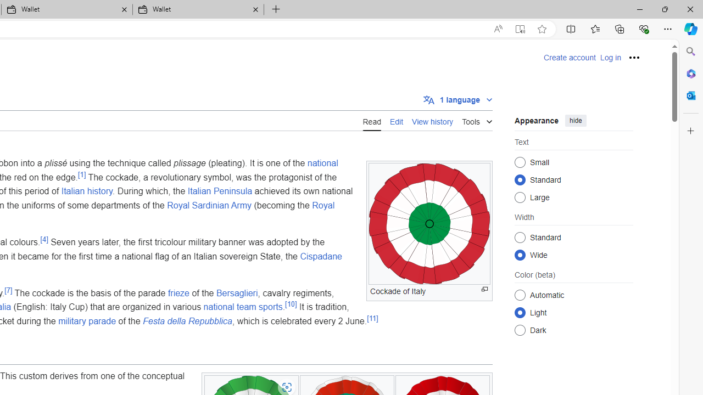 The width and height of the screenshot is (703, 395). Describe the element at coordinates (220, 190) in the screenshot. I see `'Italian Peninsula'` at that location.